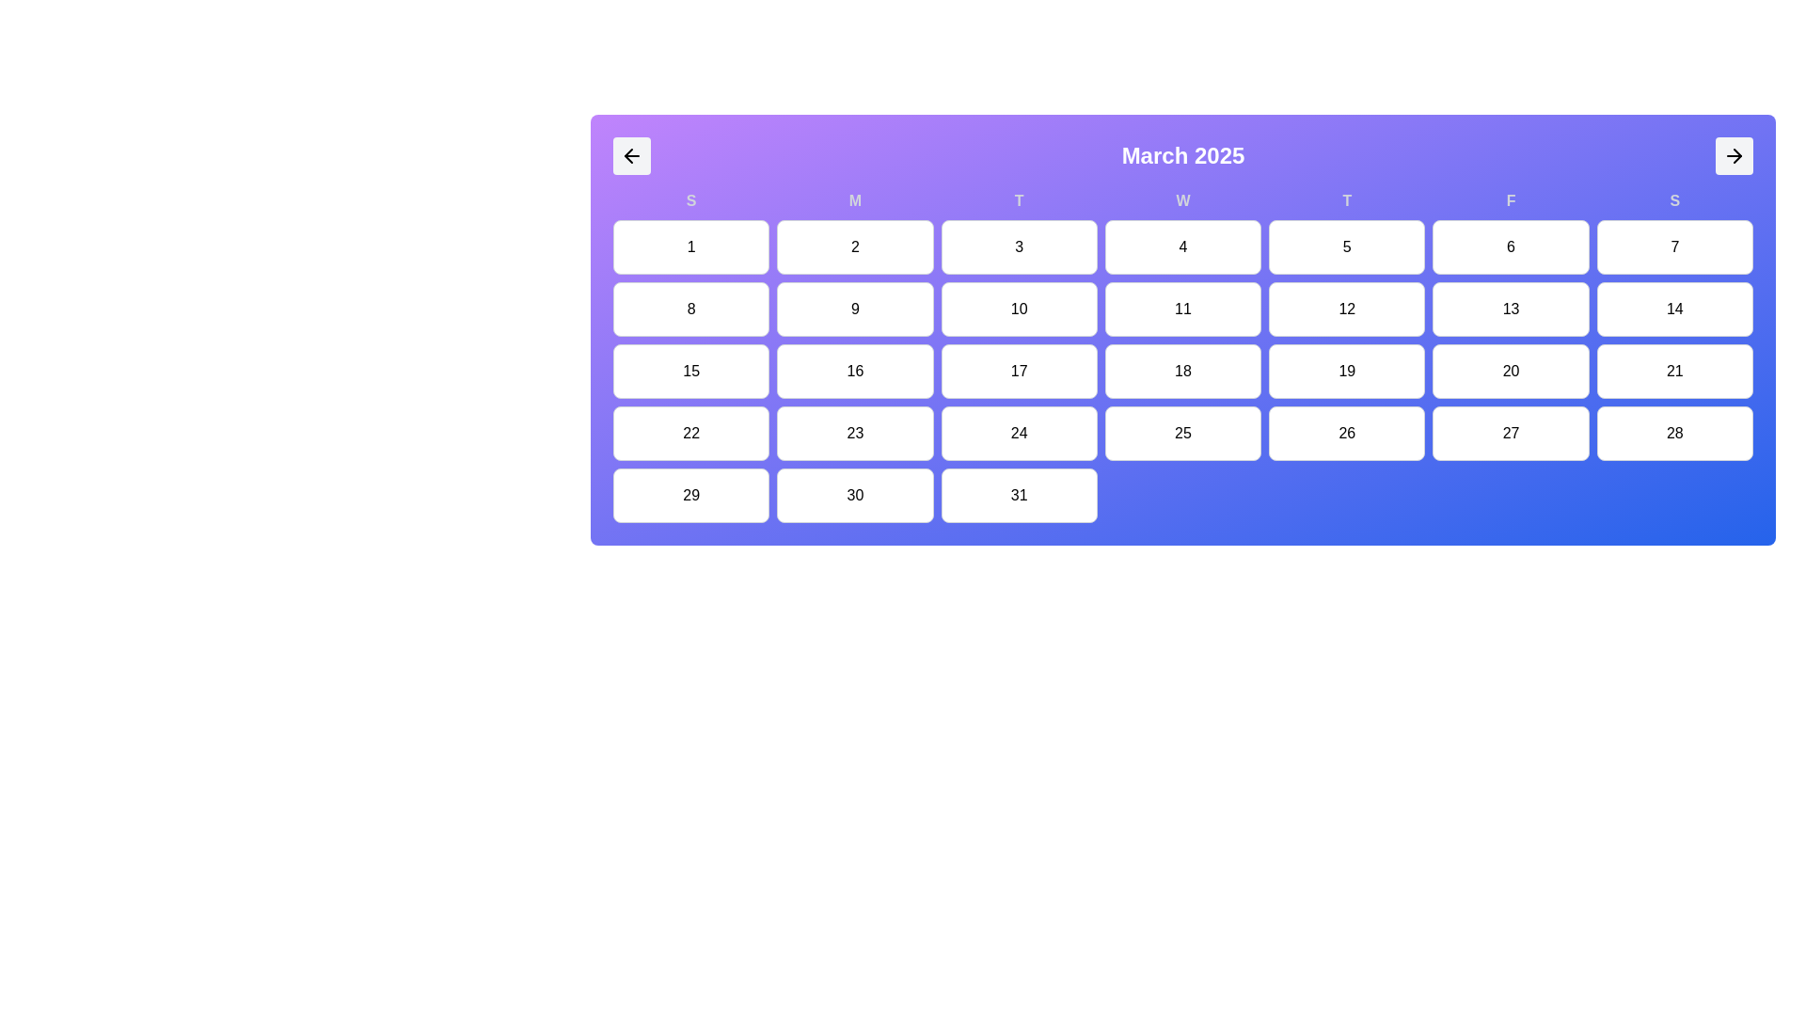  What do you see at coordinates (854, 371) in the screenshot?
I see `the button representing March 16` at bounding box center [854, 371].